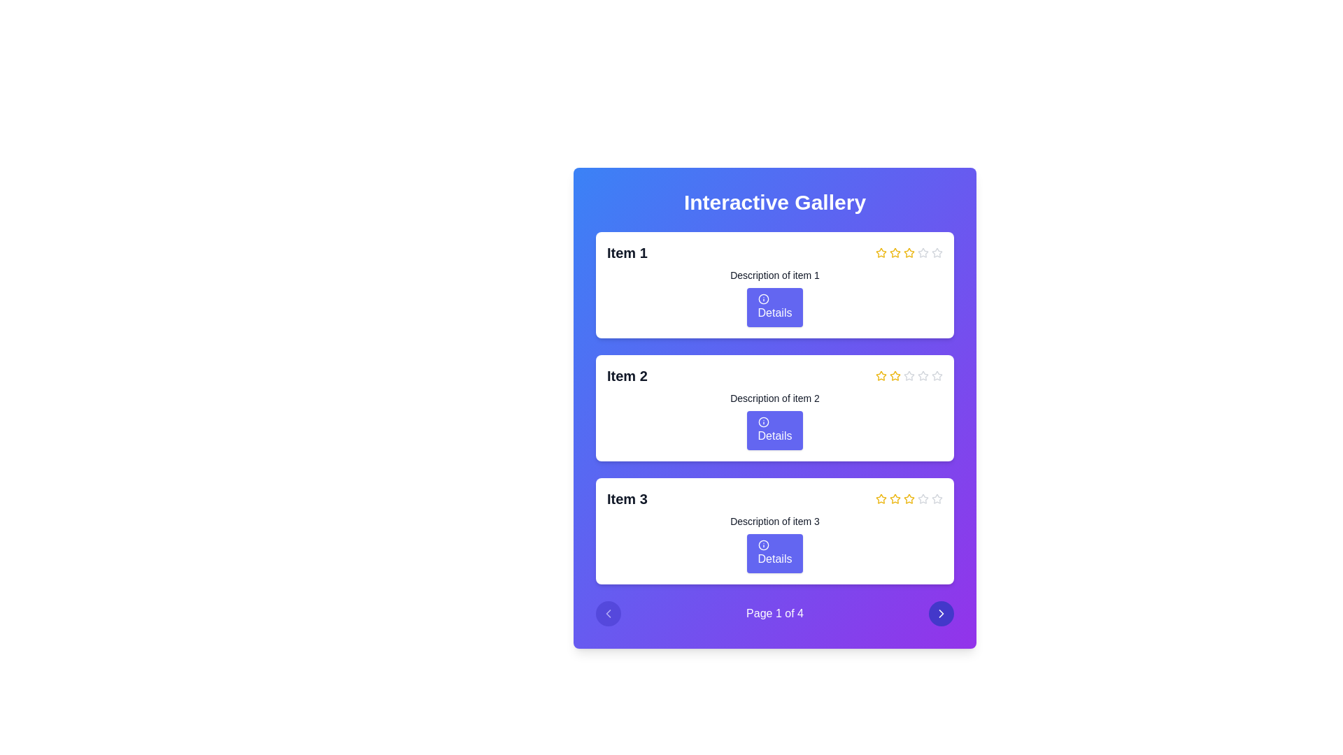 This screenshot has width=1343, height=755. Describe the element at coordinates (923, 498) in the screenshot. I see `the third star icon from the left in the rating section of 'Item 3' to rate it` at that location.